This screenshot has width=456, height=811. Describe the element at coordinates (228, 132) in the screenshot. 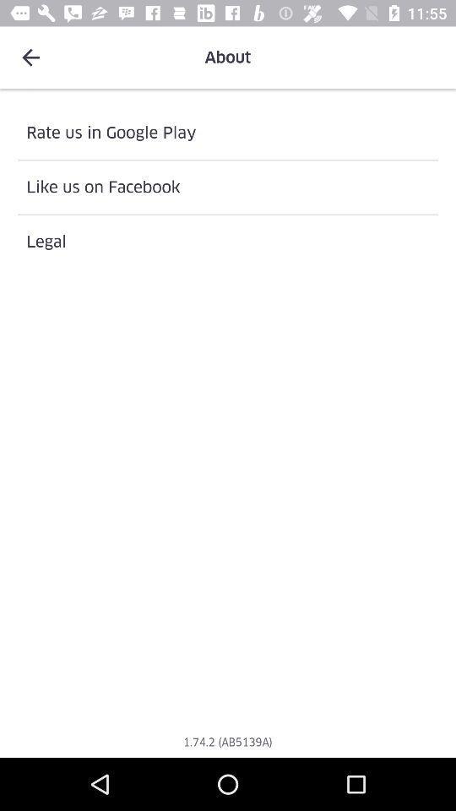

I see `icon above the like us on icon` at that location.